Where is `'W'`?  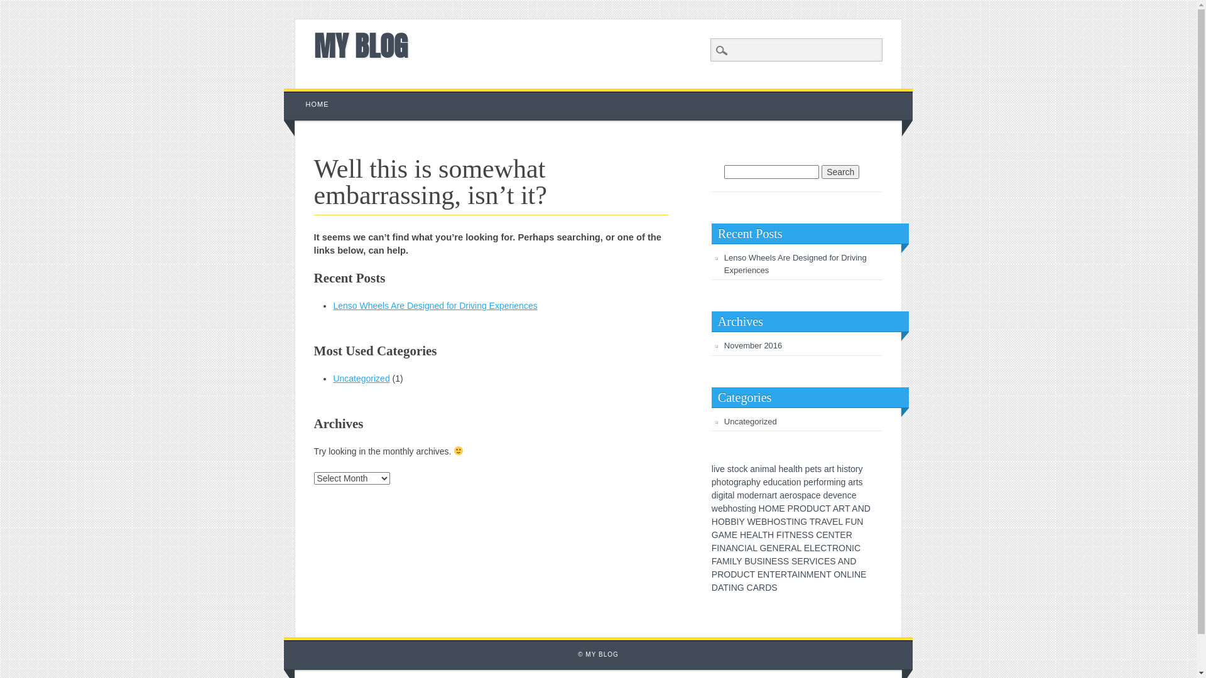 'W' is located at coordinates (751, 521).